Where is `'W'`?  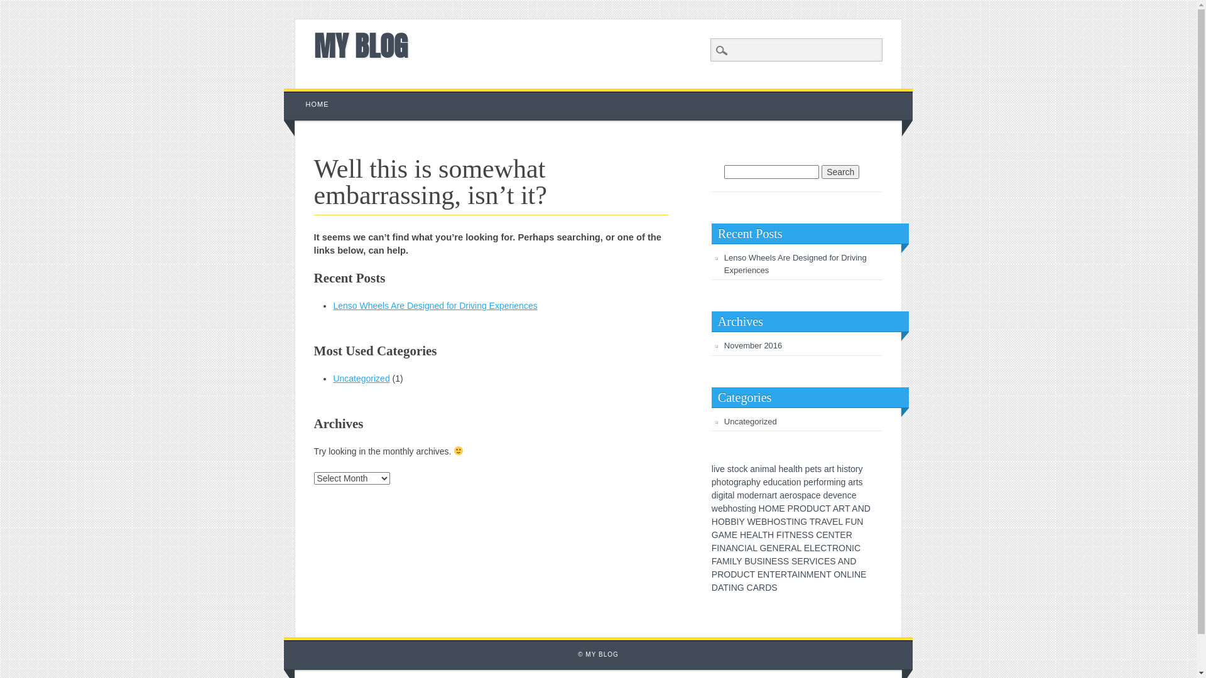 'W' is located at coordinates (751, 521).